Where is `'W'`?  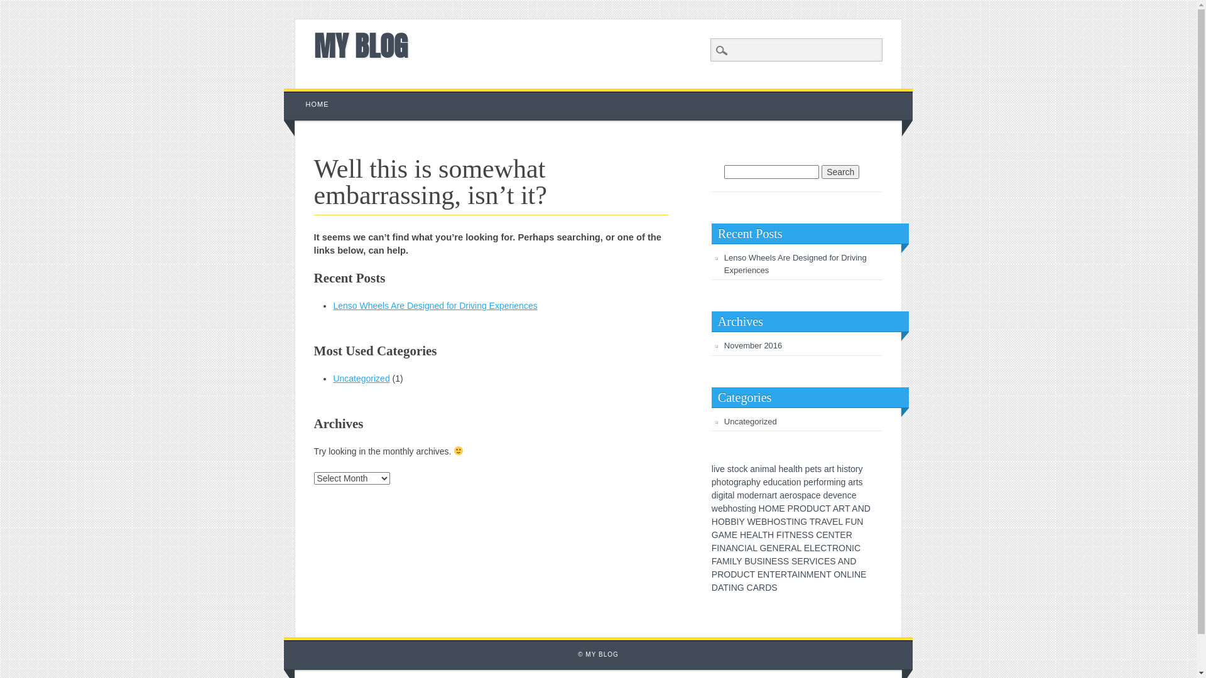 'W' is located at coordinates (751, 521).